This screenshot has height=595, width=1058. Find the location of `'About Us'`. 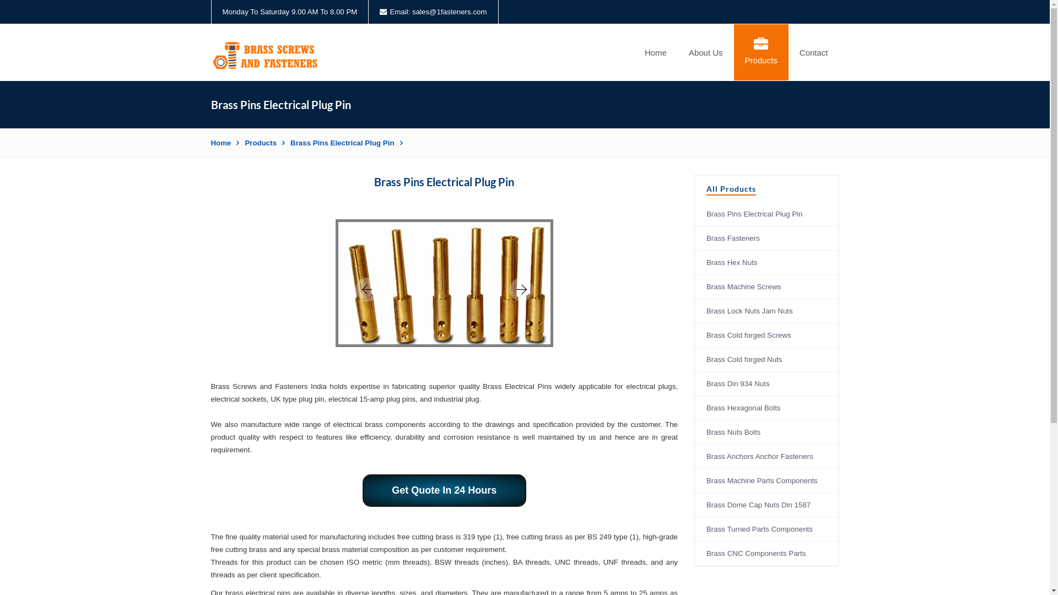

'About Us' is located at coordinates (706, 52).